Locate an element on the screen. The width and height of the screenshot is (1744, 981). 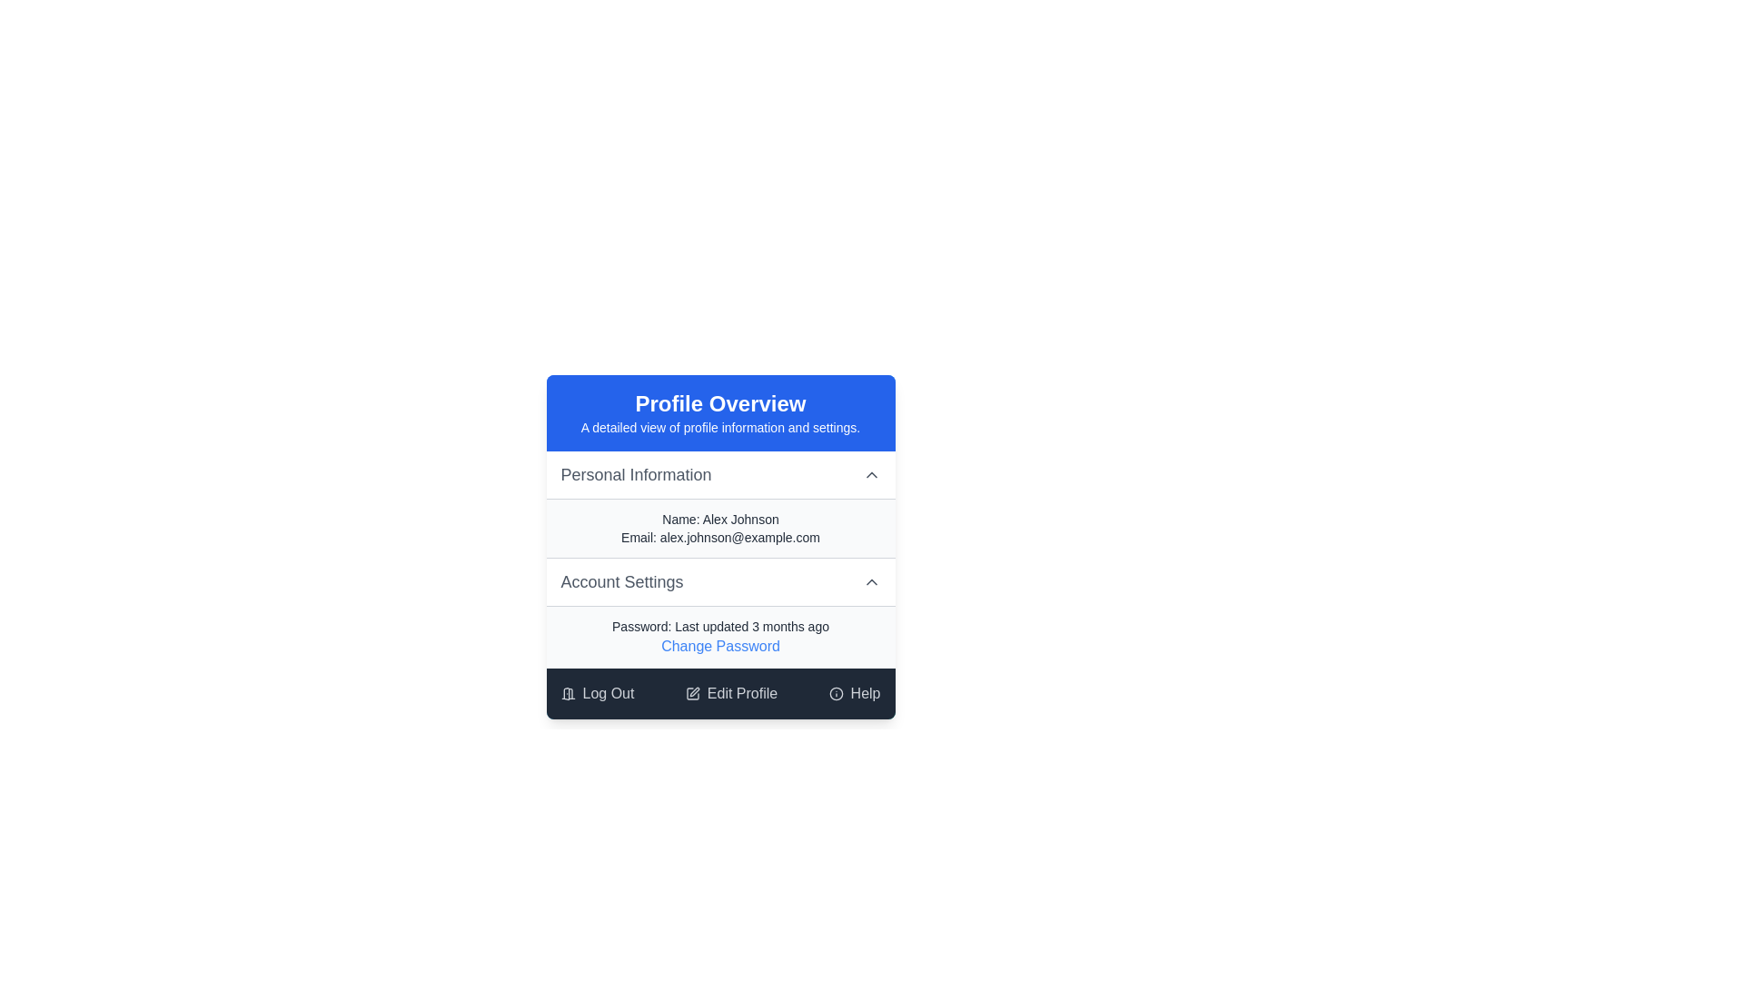
the 'Edit Profile' button in the Navigation bar located at the bottom of the 'Profile Overview' panel is located at coordinates (719, 693).